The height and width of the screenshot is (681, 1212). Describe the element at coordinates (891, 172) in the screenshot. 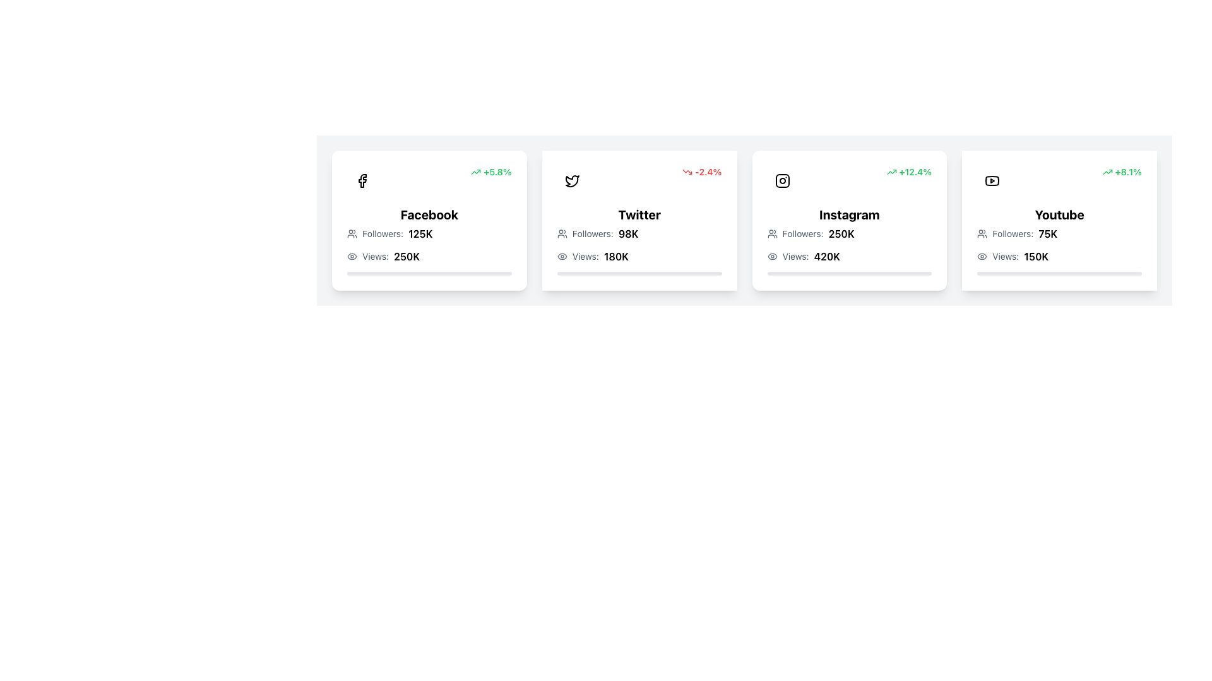

I see `the positive growth indicator icon located in the Instagram statistics card, positioned to the right of the Instagram logo and above the '+12.4%' text` at that location.